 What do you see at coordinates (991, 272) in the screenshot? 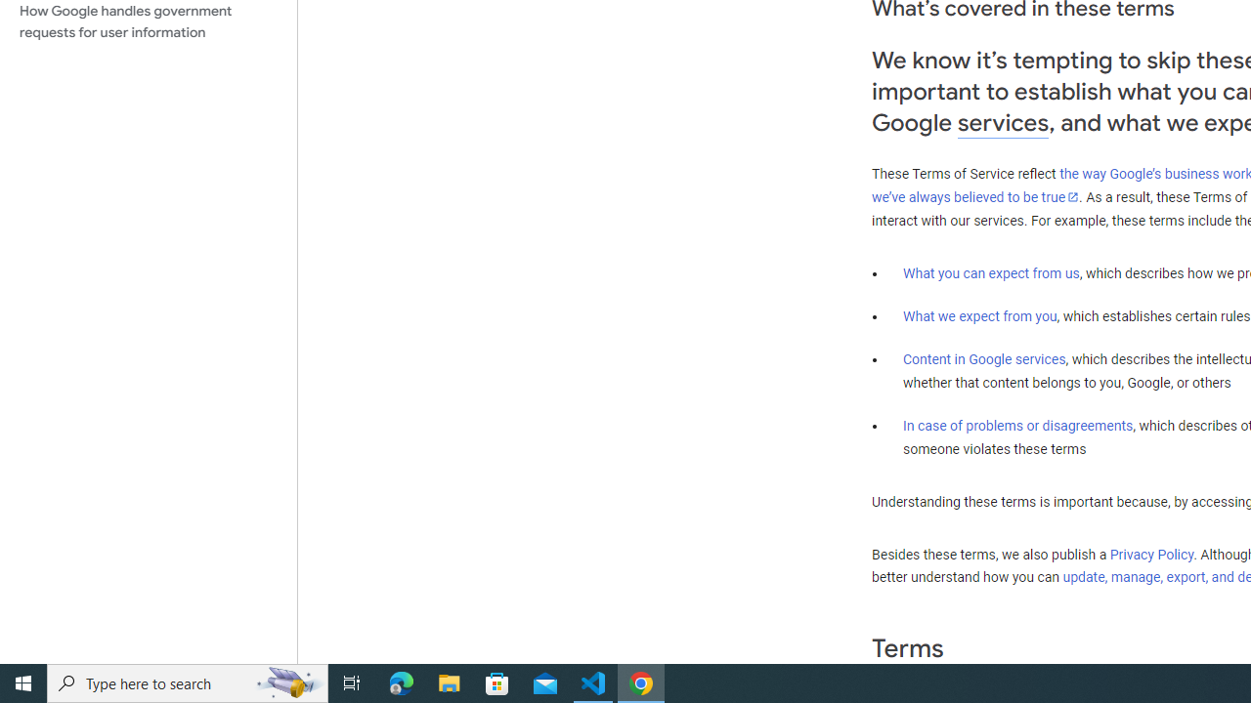
I see `'What you can expect from us'` at bounding box center [991, 272].